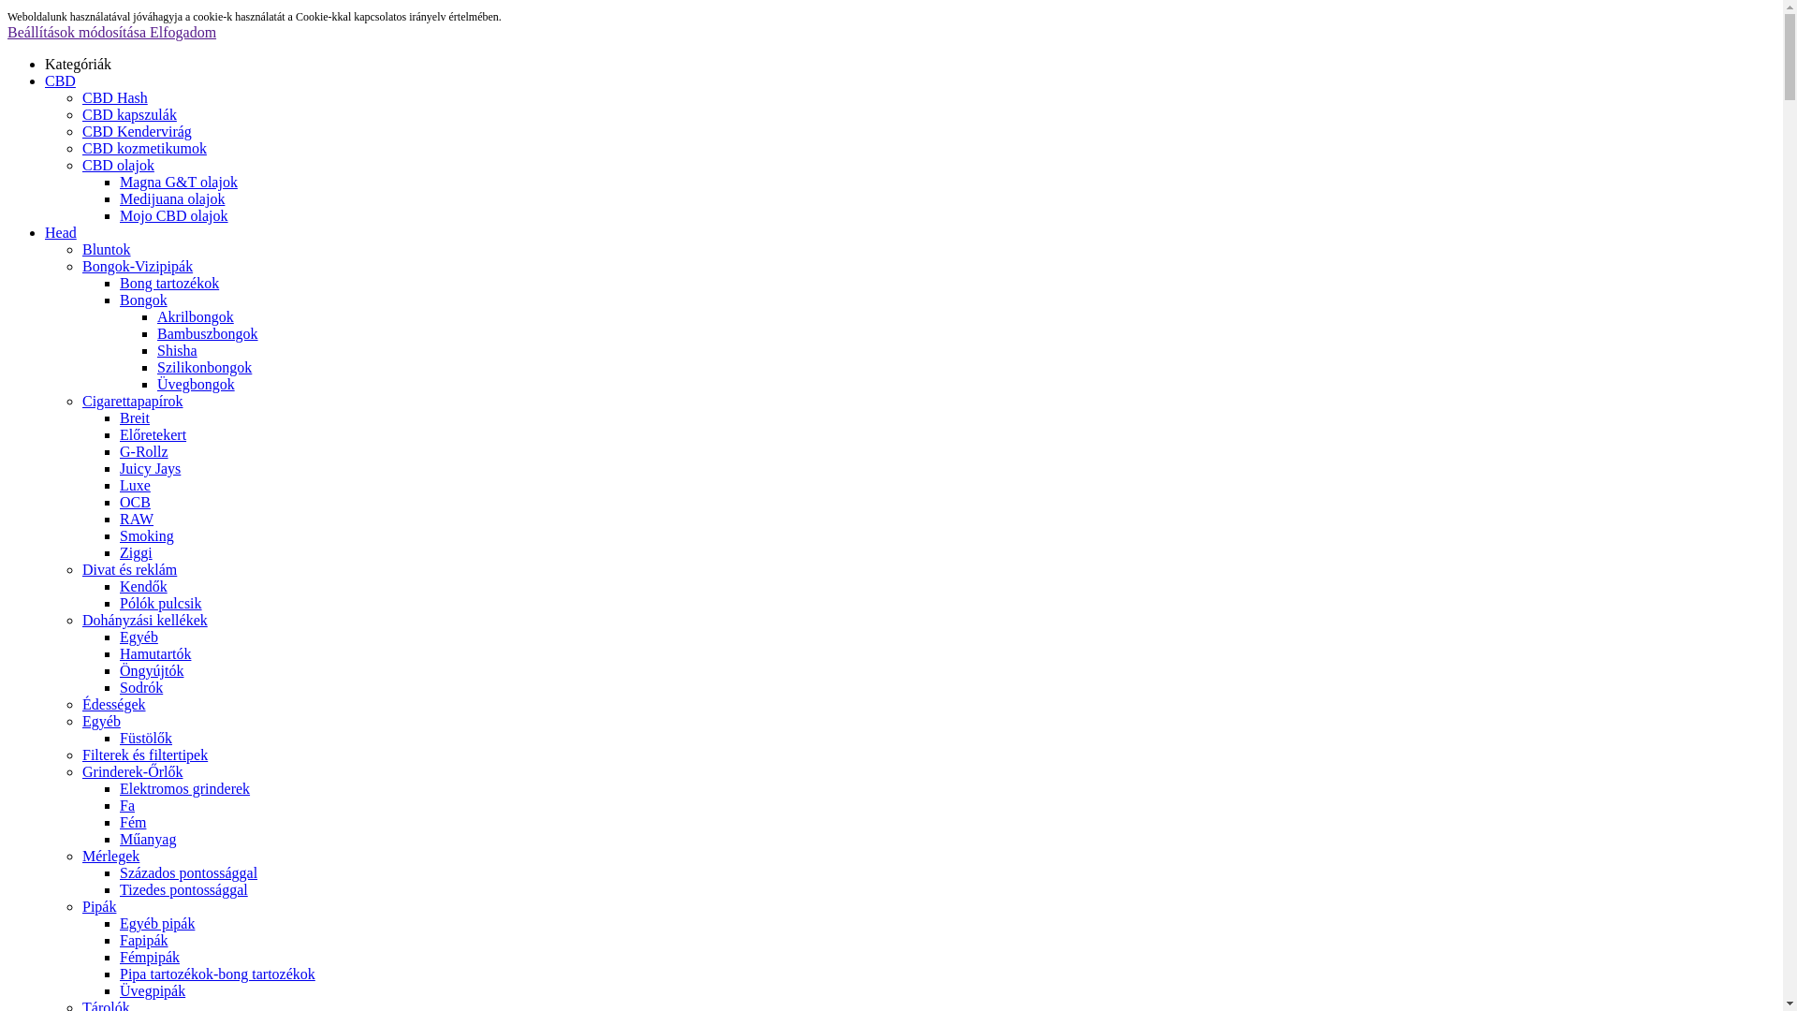  I want to click on 'Elektromos grinderek', so click(184, 788).